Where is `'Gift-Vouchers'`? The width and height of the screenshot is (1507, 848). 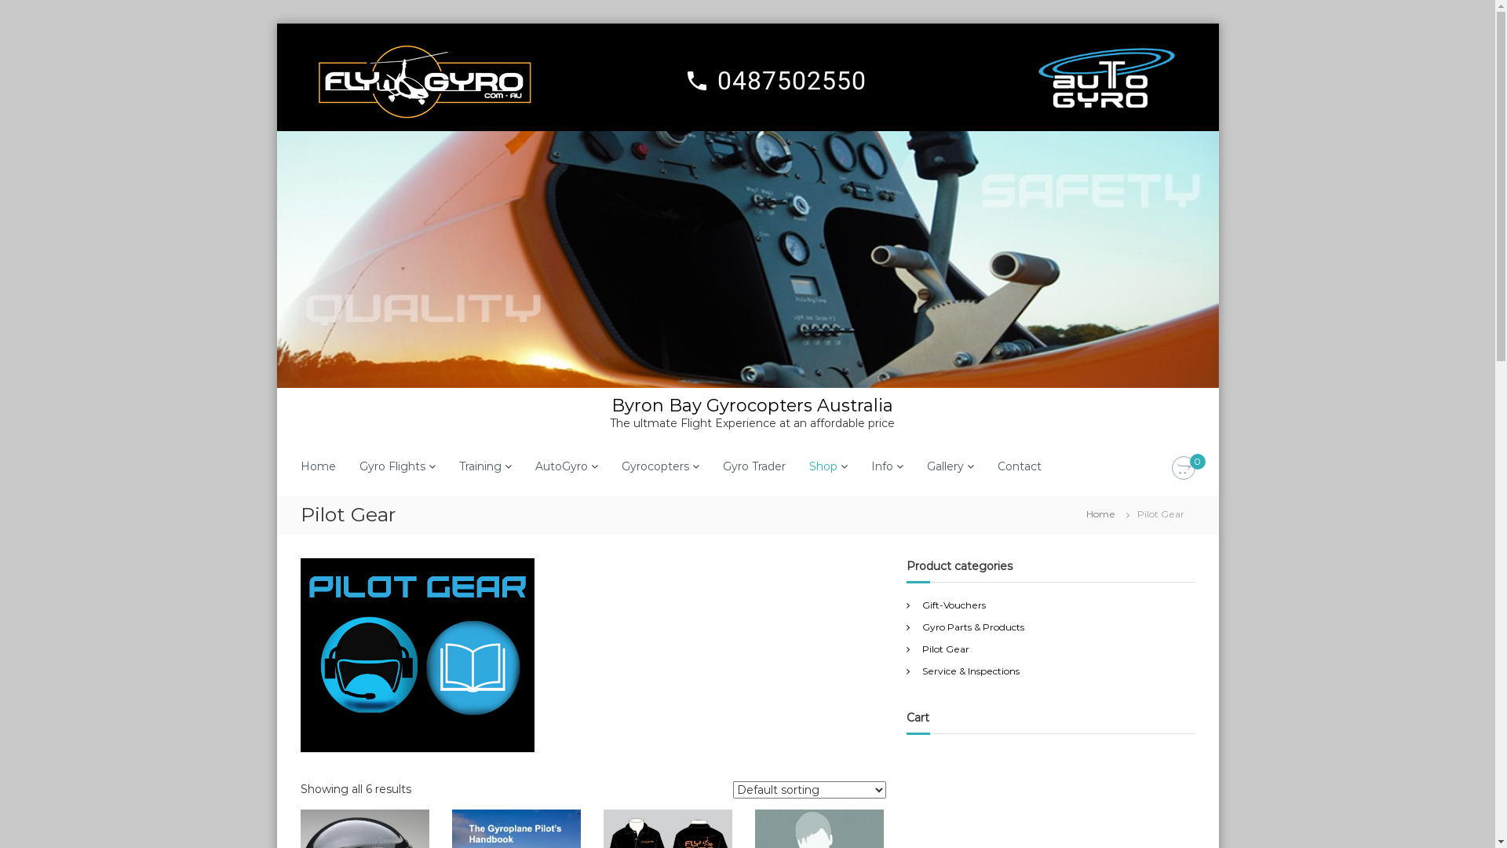 'Gift-Vouchers' is located at coordinates (953, 603).